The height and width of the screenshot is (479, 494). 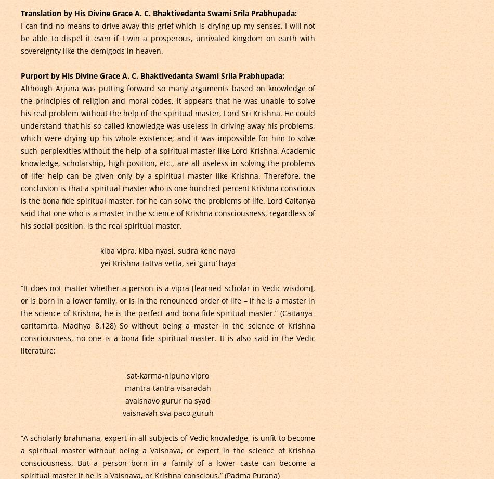 What do you see at coordinates (167, 412) in the screenshot?
I see `'vaisnavah sva-paco guruh'` at bounding box center [167, 412].